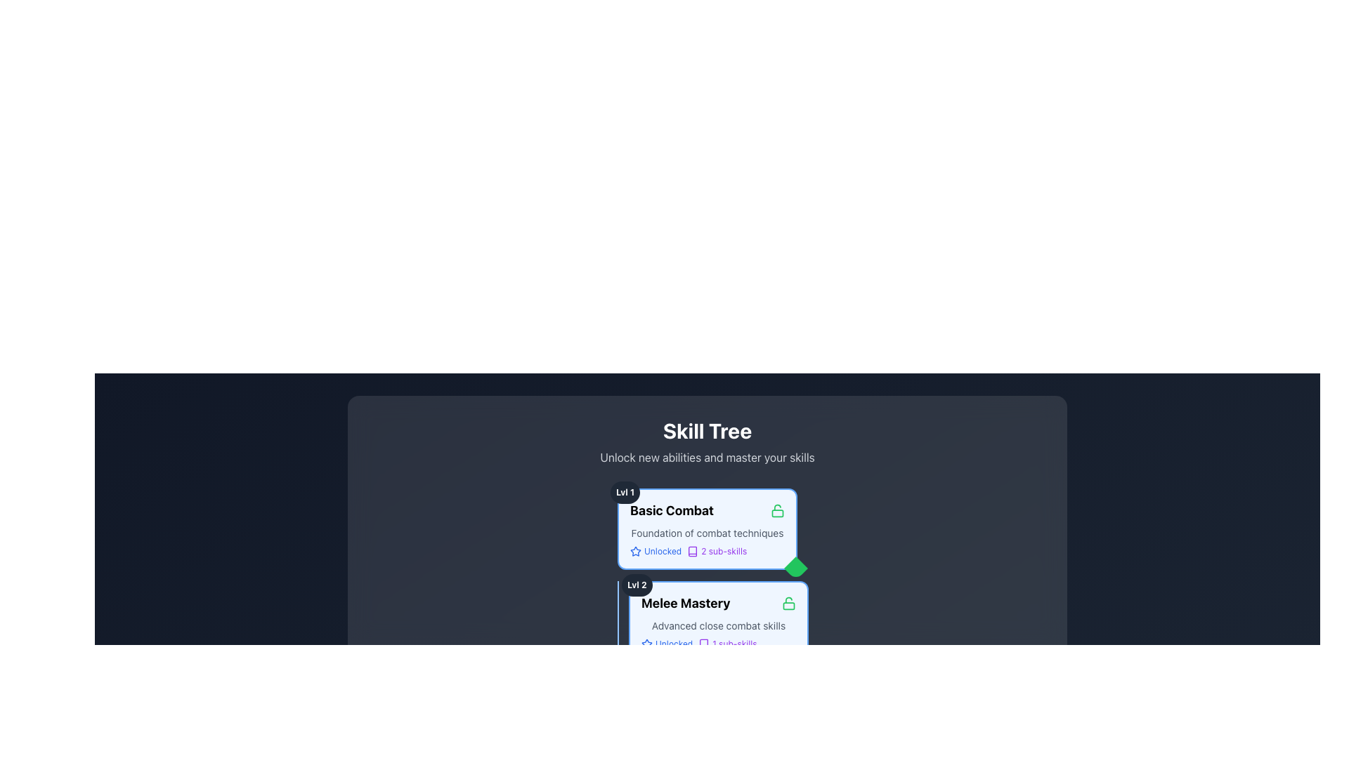 This screenshot has width=1349, height=758. Describe the element at coordinates (673, 644) in the screenshot. I see `displayed text of the 'Unlocked' status label located below the level title in the 'Melee Mastery' box` at that location.